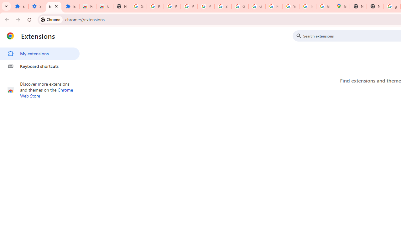 The width and height of the screenshot is (401, 225). I want to click on 'Google Maps', so click(341, 6).